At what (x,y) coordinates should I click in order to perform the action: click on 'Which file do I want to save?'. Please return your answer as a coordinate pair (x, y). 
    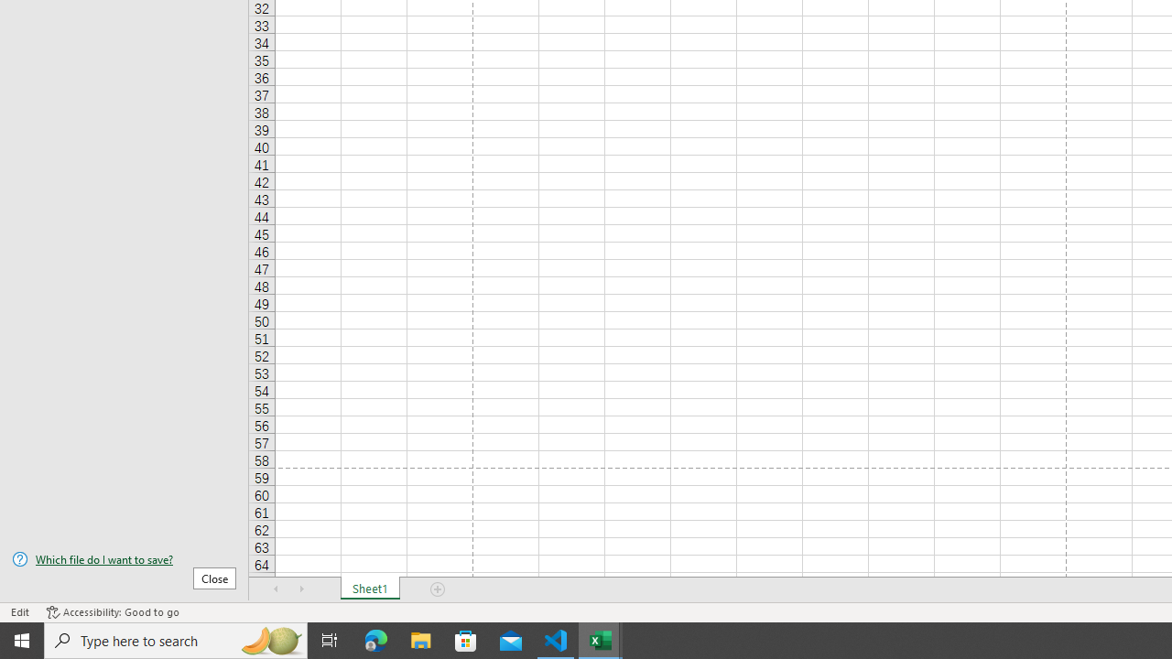
    Looking at the image, I should click on (124, 558).